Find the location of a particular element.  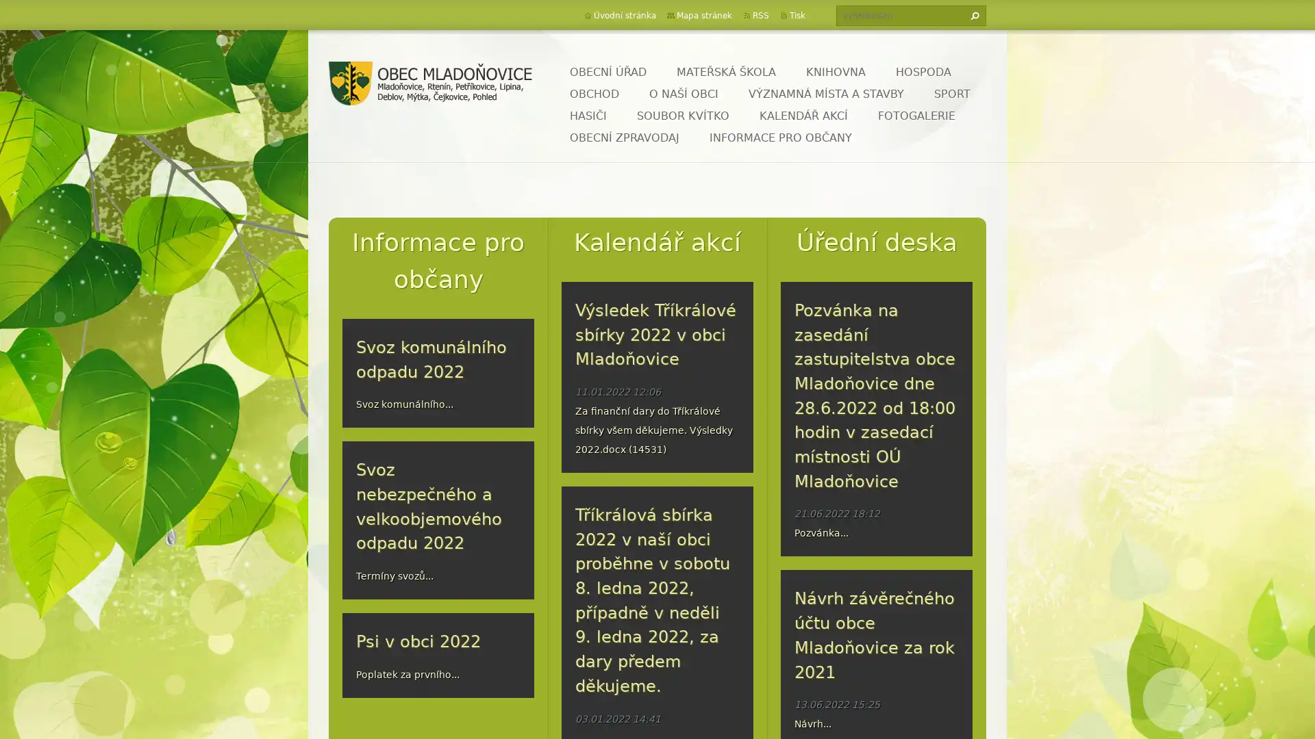

Hledat is located at coordinates (972, 16).